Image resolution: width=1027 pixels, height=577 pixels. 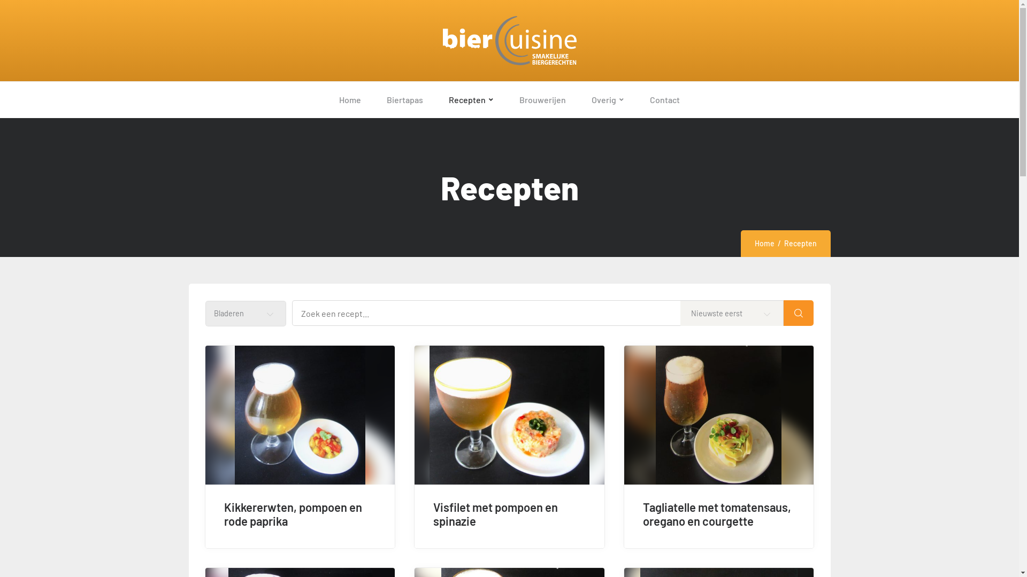 I want to click on 'Home', so click(x=763, y=243).